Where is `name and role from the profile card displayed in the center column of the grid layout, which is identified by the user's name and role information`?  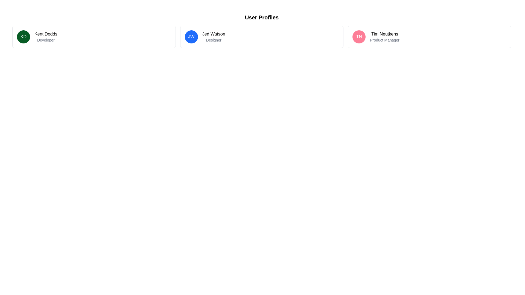 name and role from the profile card displayed in the center column of the grid layout, which is identified by the user's name and role information is located at coordinates (261, 37).